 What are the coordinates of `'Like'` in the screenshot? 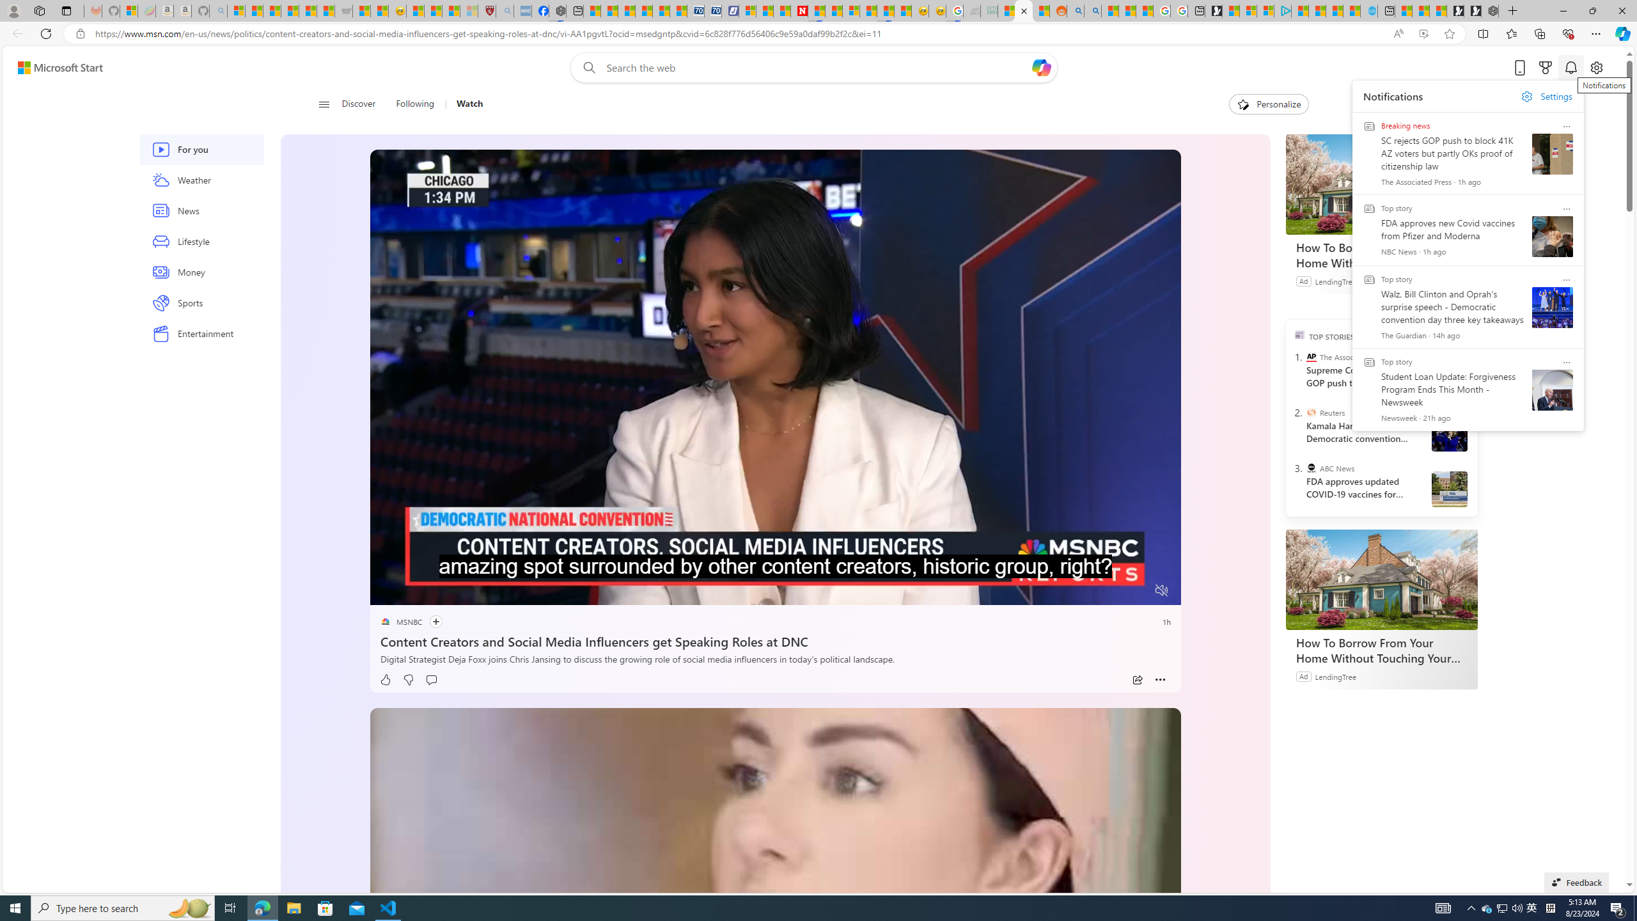 It's located at (385, 679).